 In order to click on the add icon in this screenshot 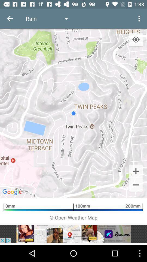, I will do `click(136, 171)`.